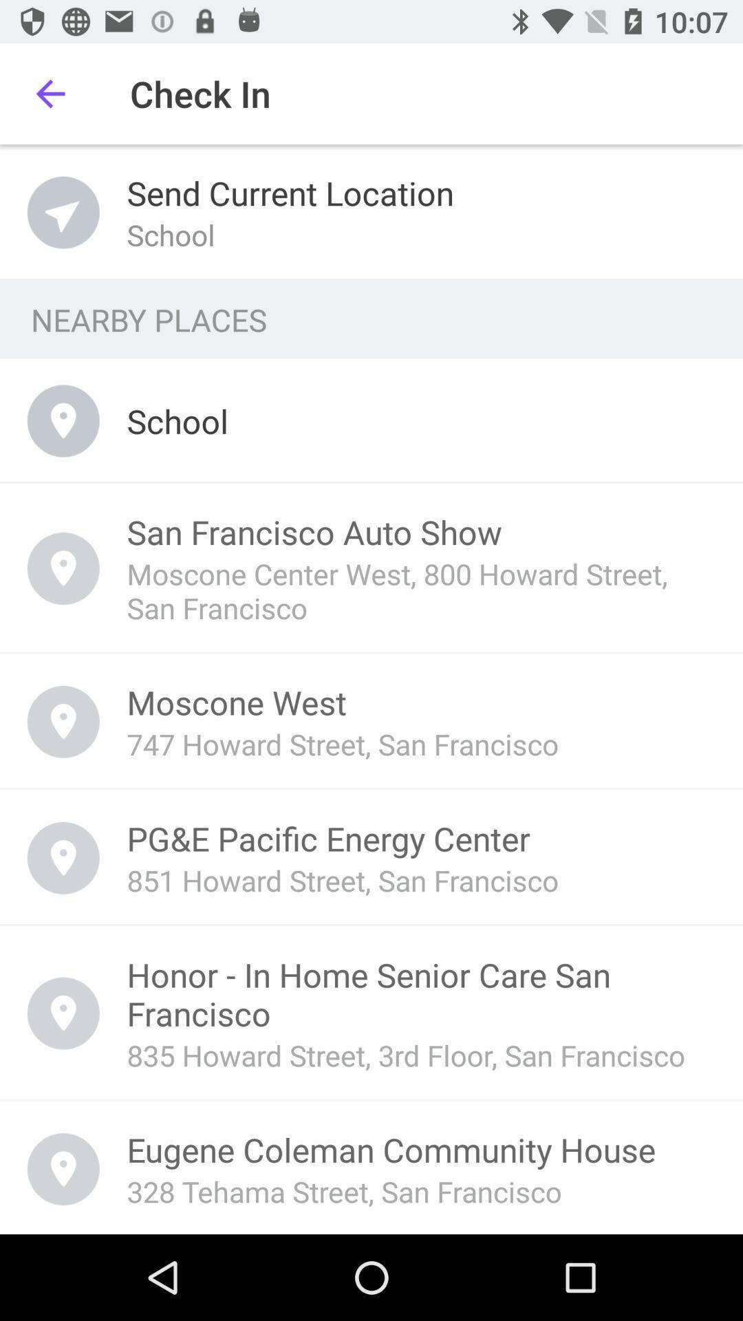 Image resolution: width=743 pixels, height=1321 pixels. Describe the element at coordinates (50, 93) in the screenshot. I see `icon next to check in item` at that location.